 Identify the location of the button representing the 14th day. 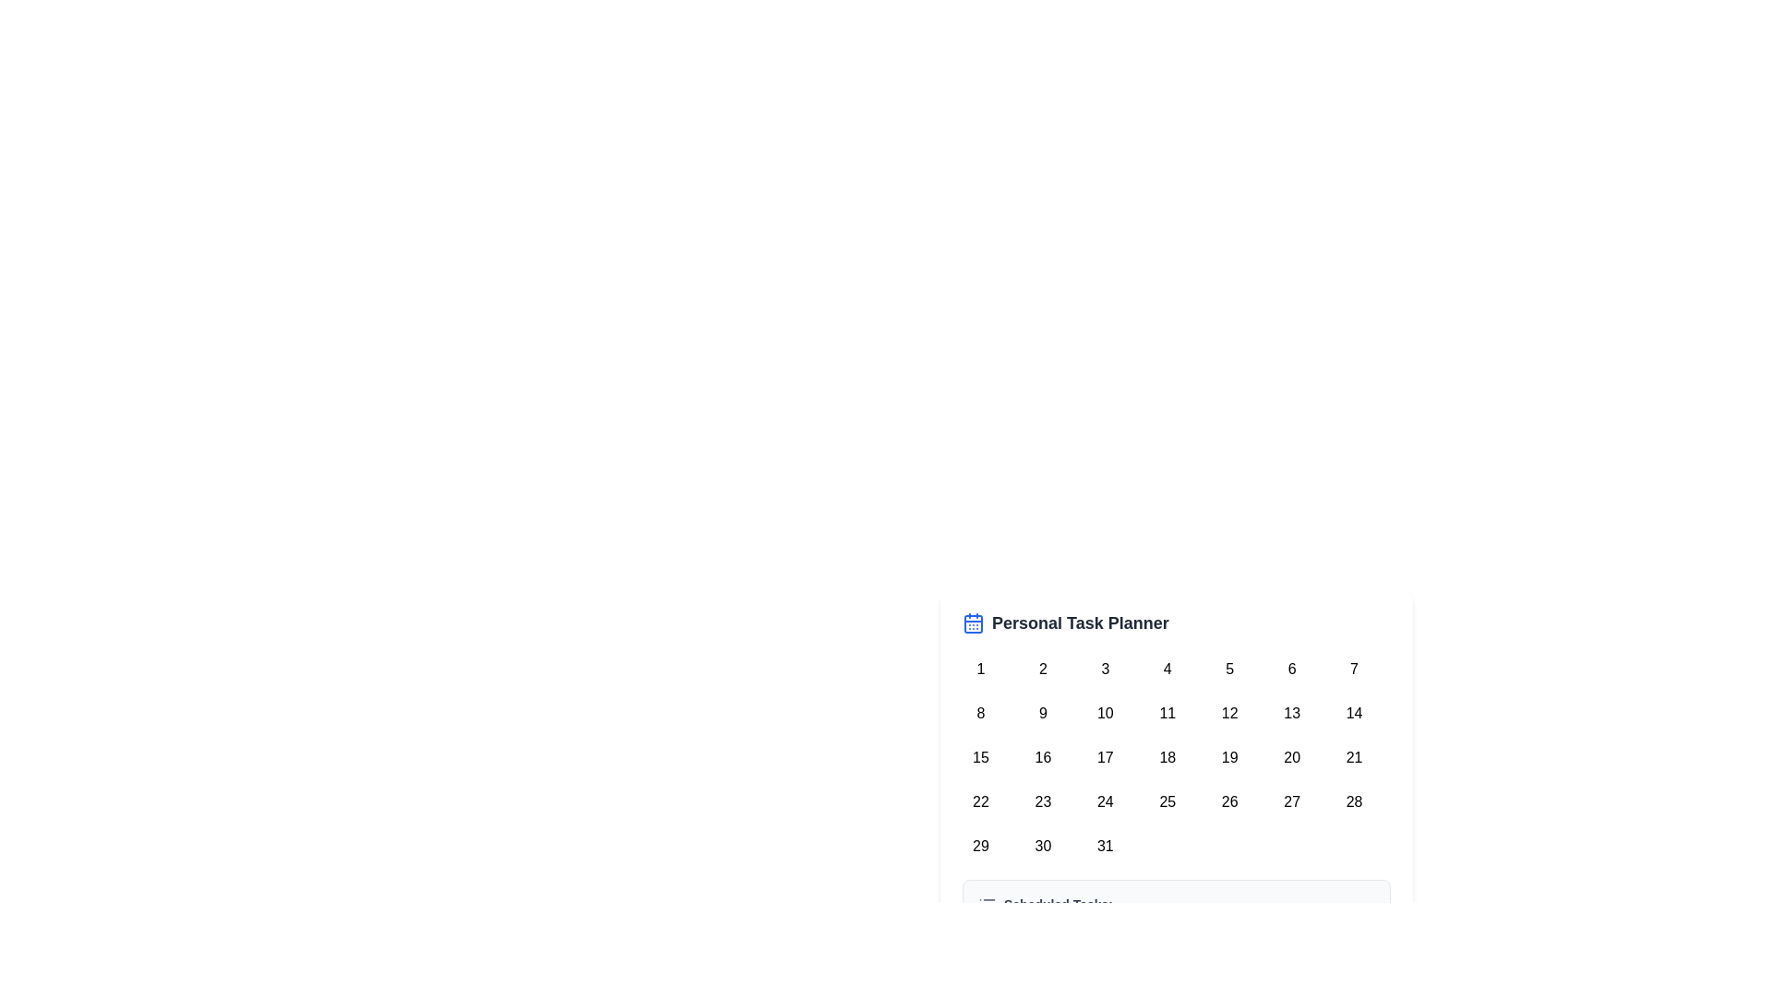
(1354, 713).